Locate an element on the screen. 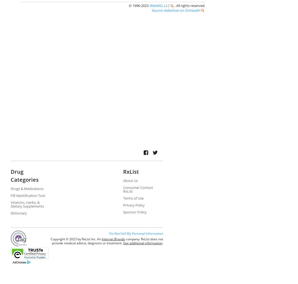  'Terms of Use' is located at coordinates (133, 198).